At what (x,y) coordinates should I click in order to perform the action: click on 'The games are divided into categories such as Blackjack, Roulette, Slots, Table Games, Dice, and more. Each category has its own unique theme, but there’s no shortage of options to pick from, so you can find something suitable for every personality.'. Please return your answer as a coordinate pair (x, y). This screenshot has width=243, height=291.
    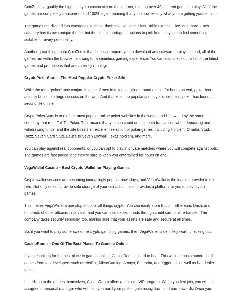
    Looking at the image, I should click on (24, 32).